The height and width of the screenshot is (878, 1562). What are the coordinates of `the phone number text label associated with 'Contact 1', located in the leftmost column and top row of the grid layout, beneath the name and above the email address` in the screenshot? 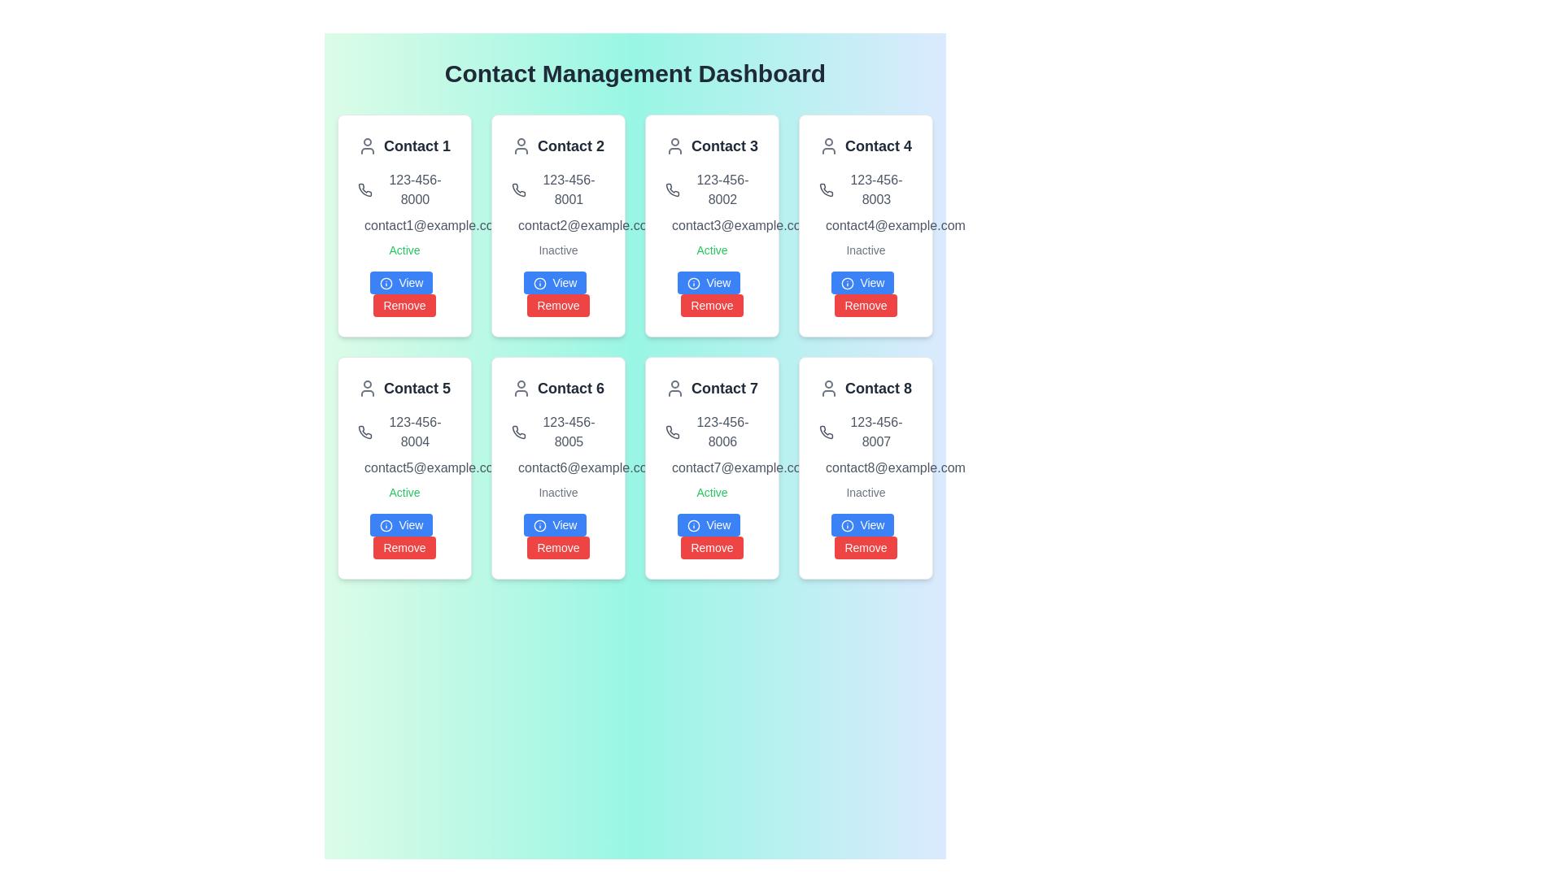 It's located at (404, 189).